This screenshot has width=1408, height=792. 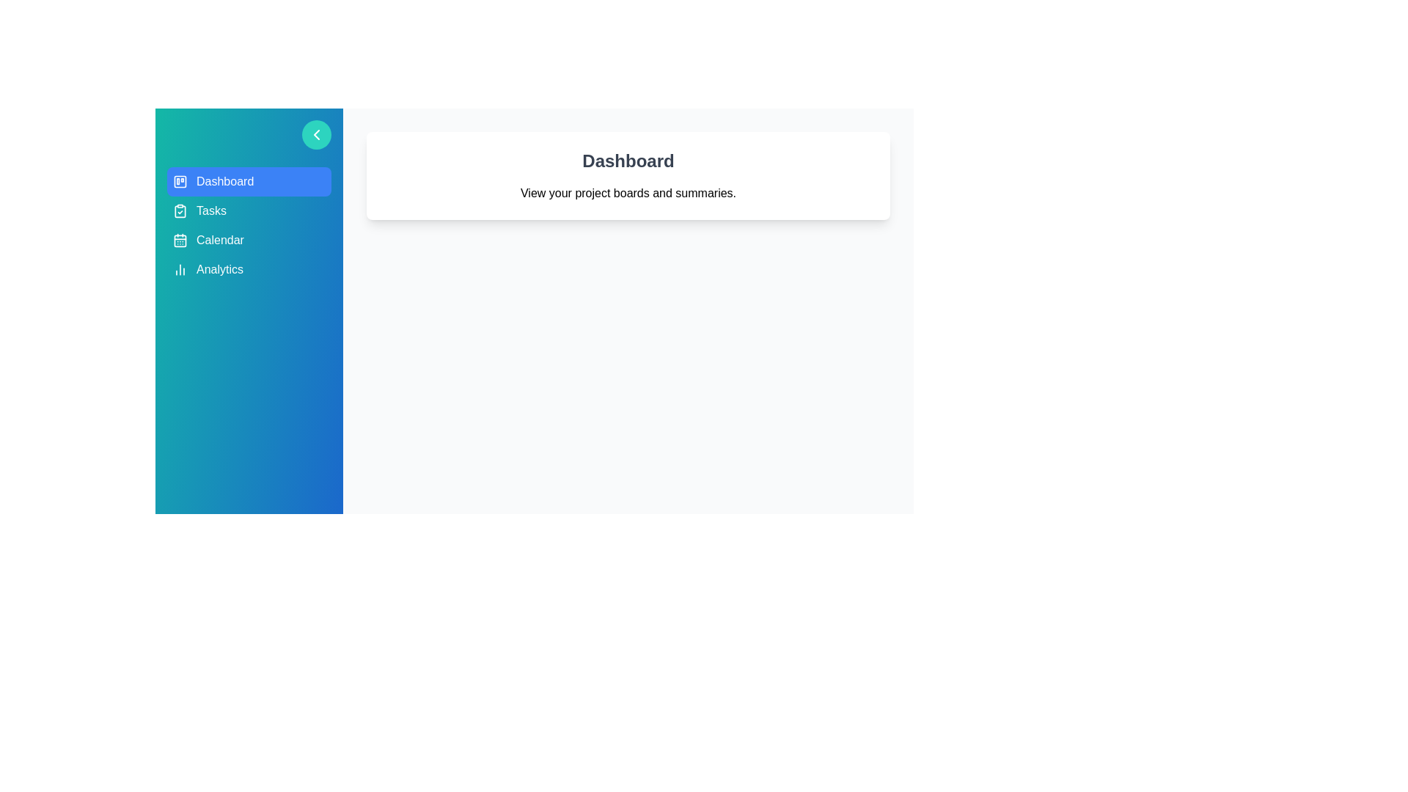 What do you see at coordinates (249, 269) in the screenshot?
I see `the fourth entry in the vertical navigation list, which serves as a link to the 'Analytics' section, to possibly see a tooltip` at bounding box center [249, 269].